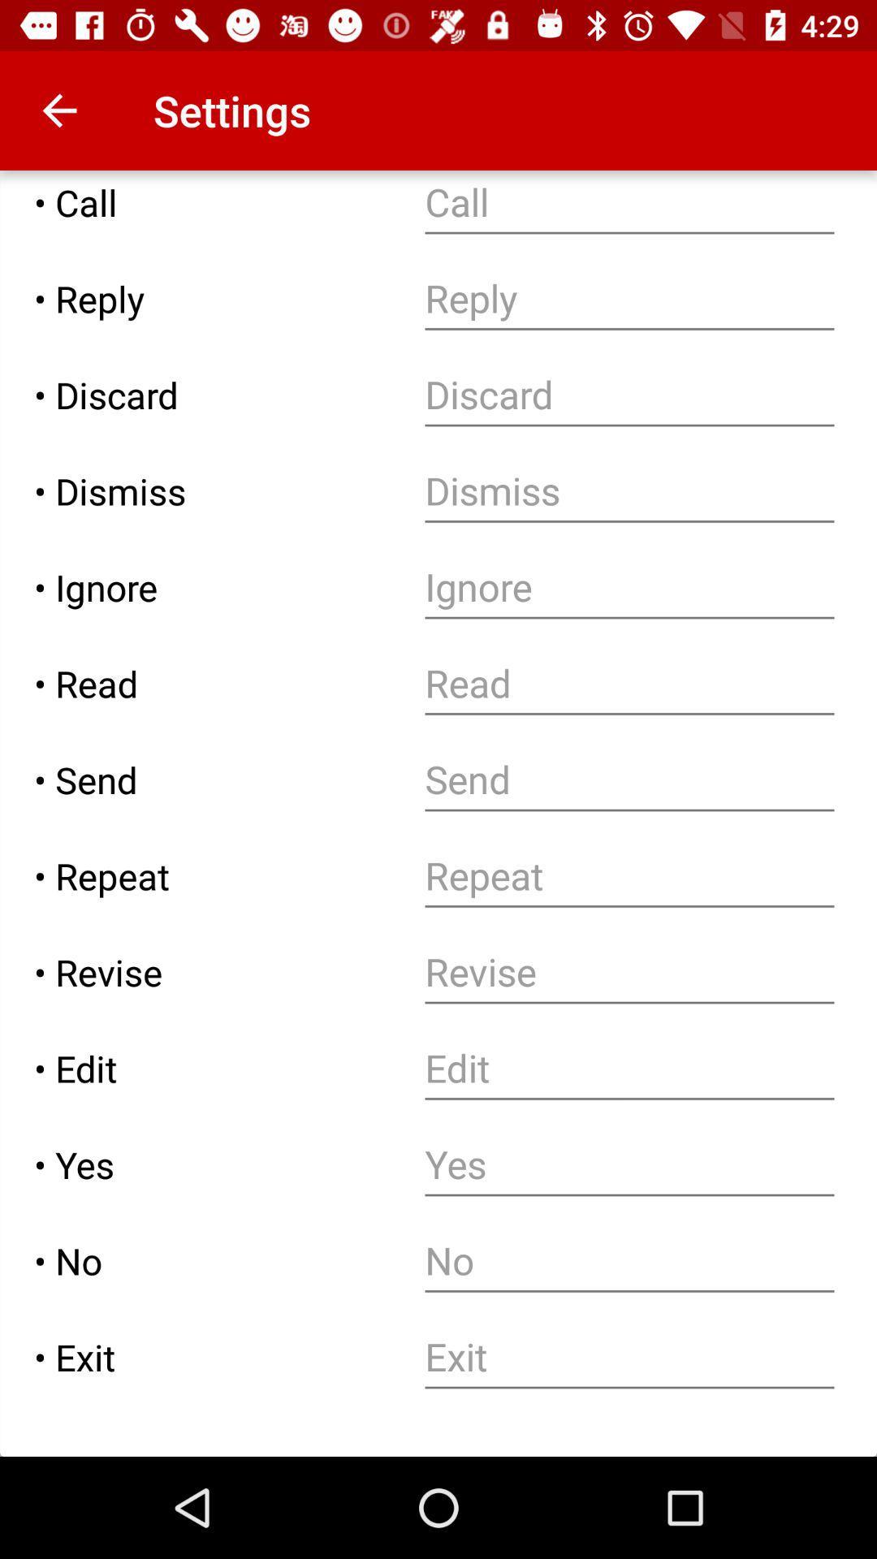 This screenshot has height=1559, width=877. I want to click on send text, so click(629, 779).